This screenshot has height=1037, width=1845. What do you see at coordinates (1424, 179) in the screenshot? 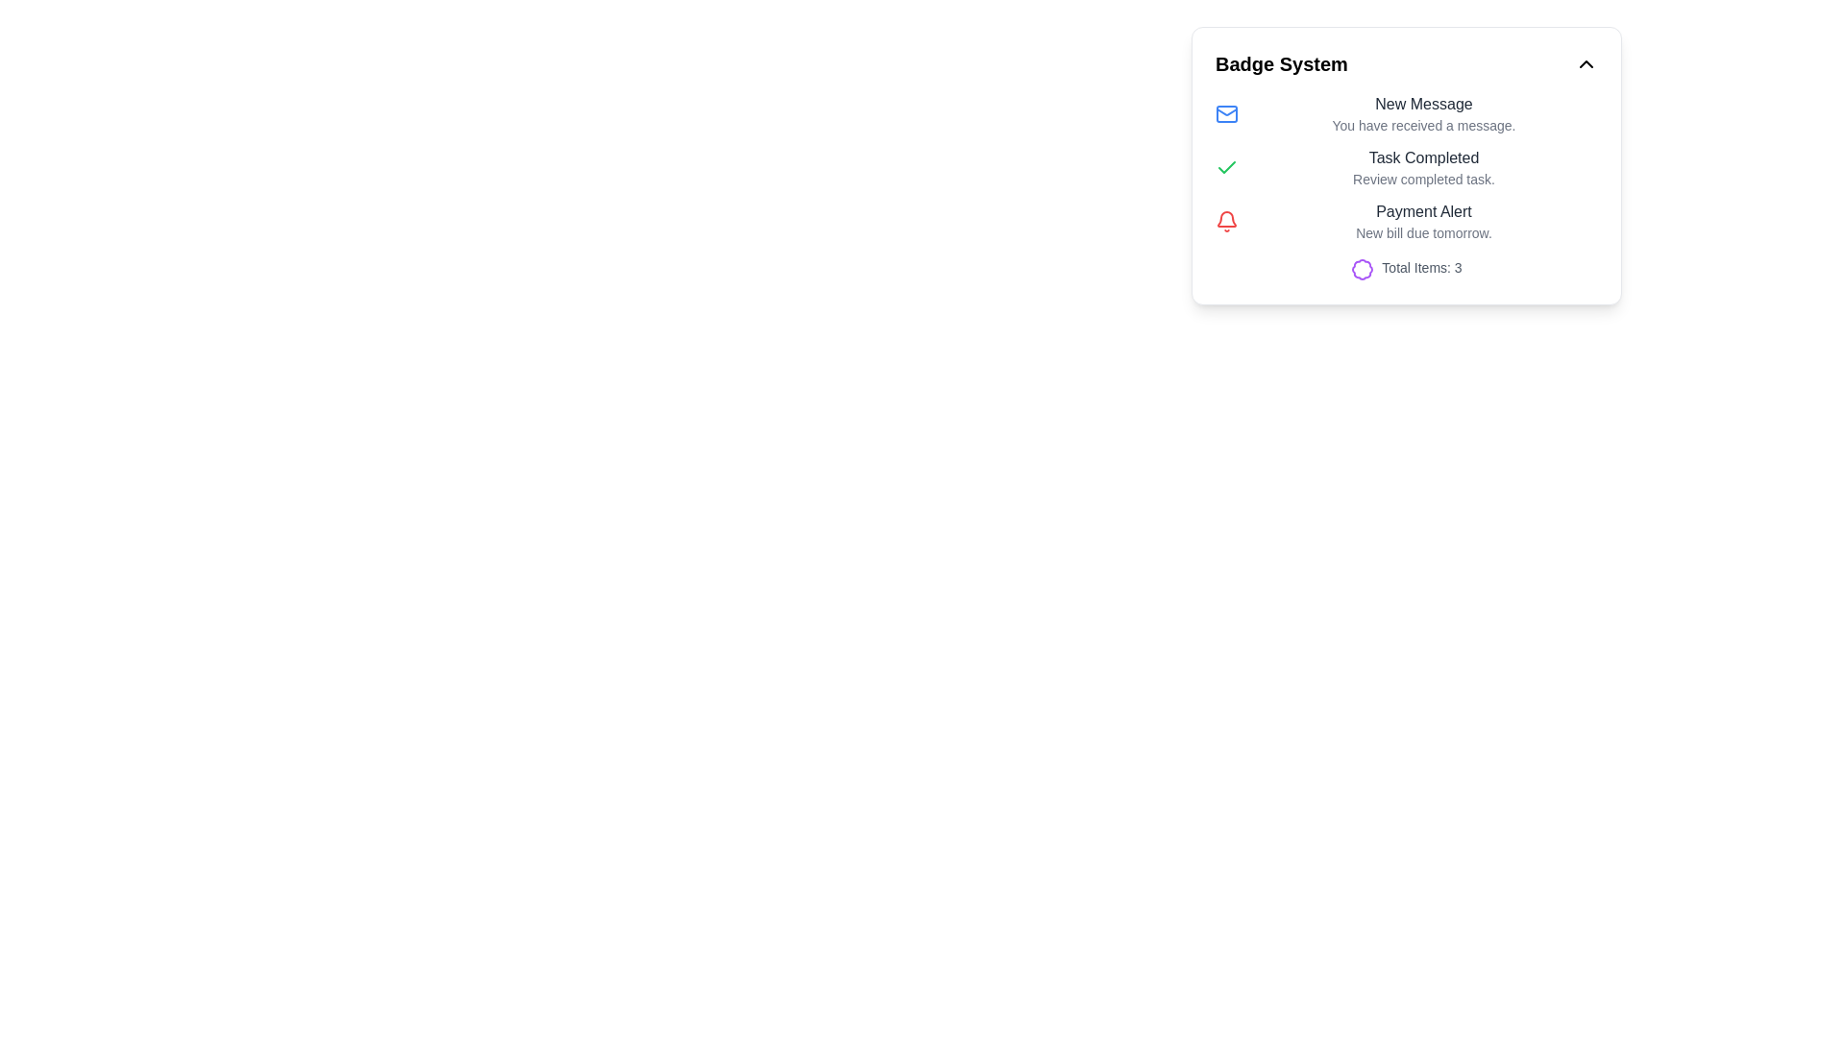
I see `the static text label that reads 'Review completed task.', which is styled in a small gray font and located directly below 'Task Completed' in the 'Badge System' section` at bounding box center [1424, 179].